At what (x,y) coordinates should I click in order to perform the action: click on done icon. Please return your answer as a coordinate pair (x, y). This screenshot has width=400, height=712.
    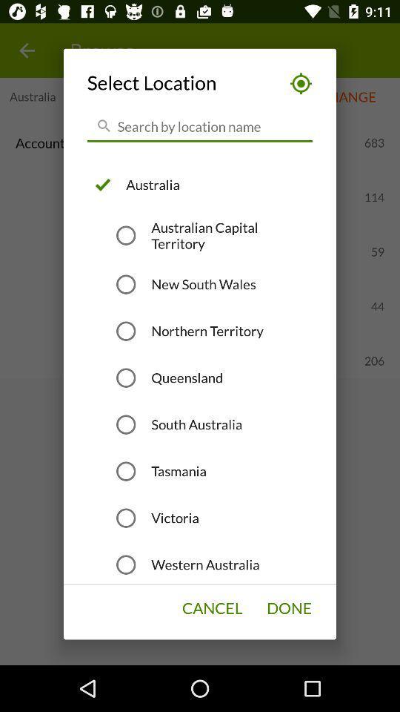
    Looking at the image, I should click on (289, 608).